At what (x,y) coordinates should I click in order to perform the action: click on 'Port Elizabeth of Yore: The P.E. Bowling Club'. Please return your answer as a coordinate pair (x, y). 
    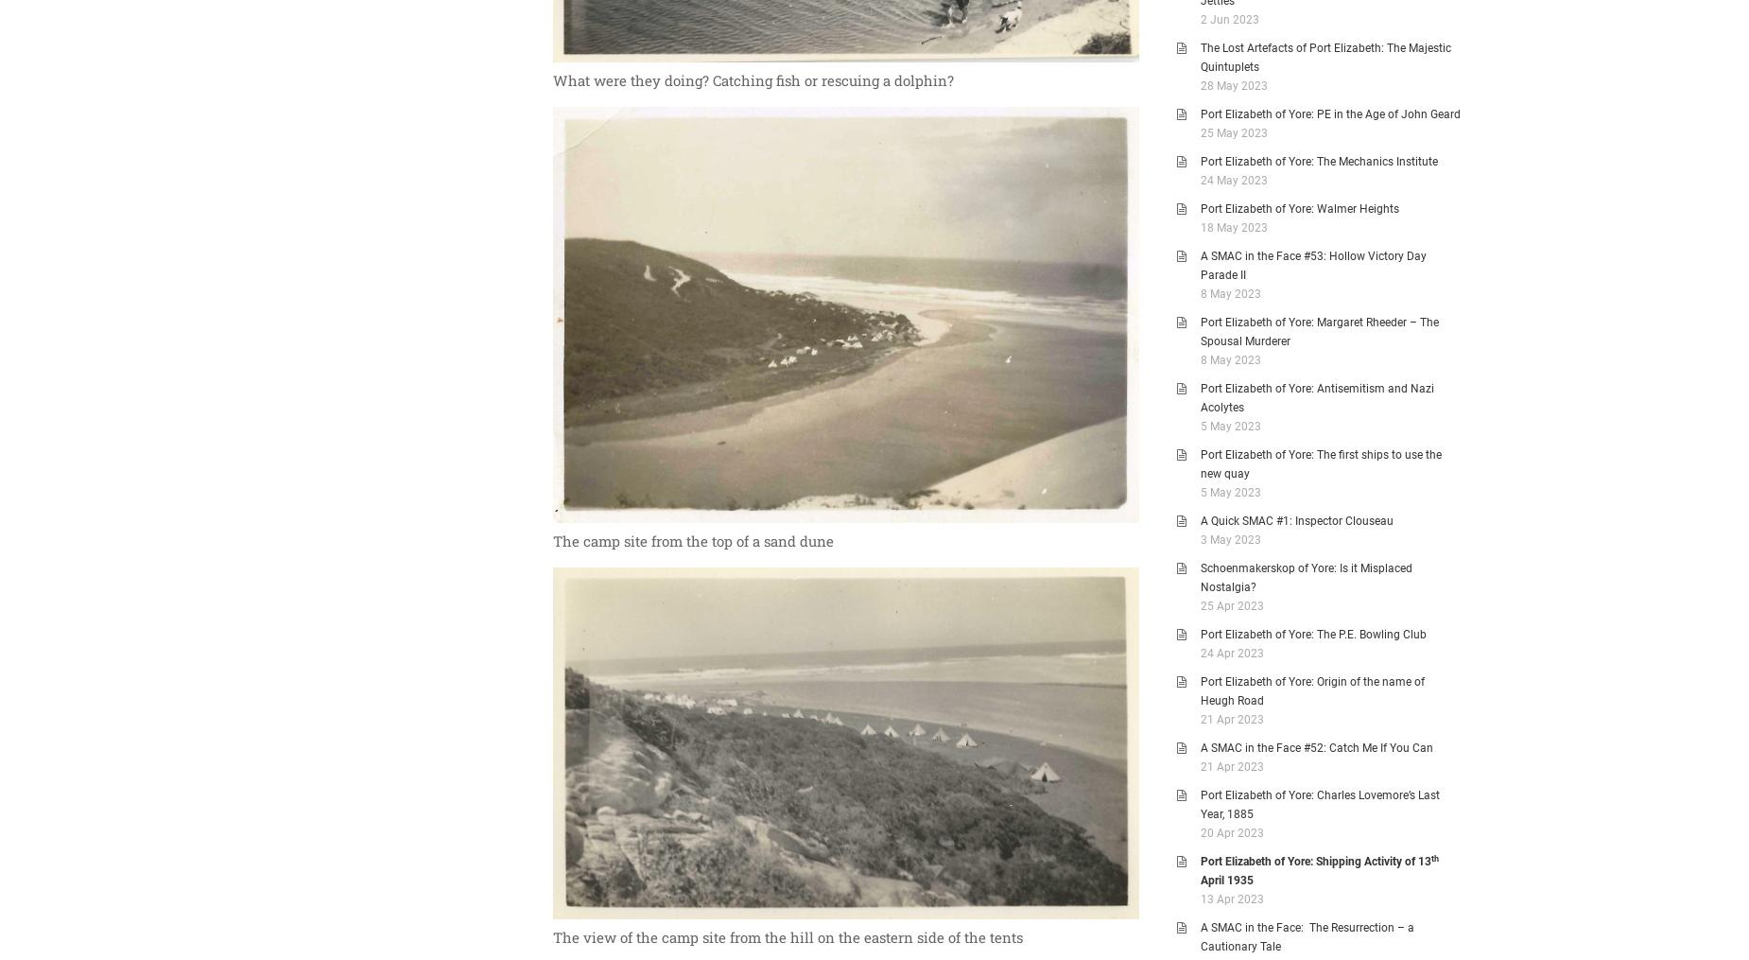
    Looking at the image, I should click on (1200, 635).